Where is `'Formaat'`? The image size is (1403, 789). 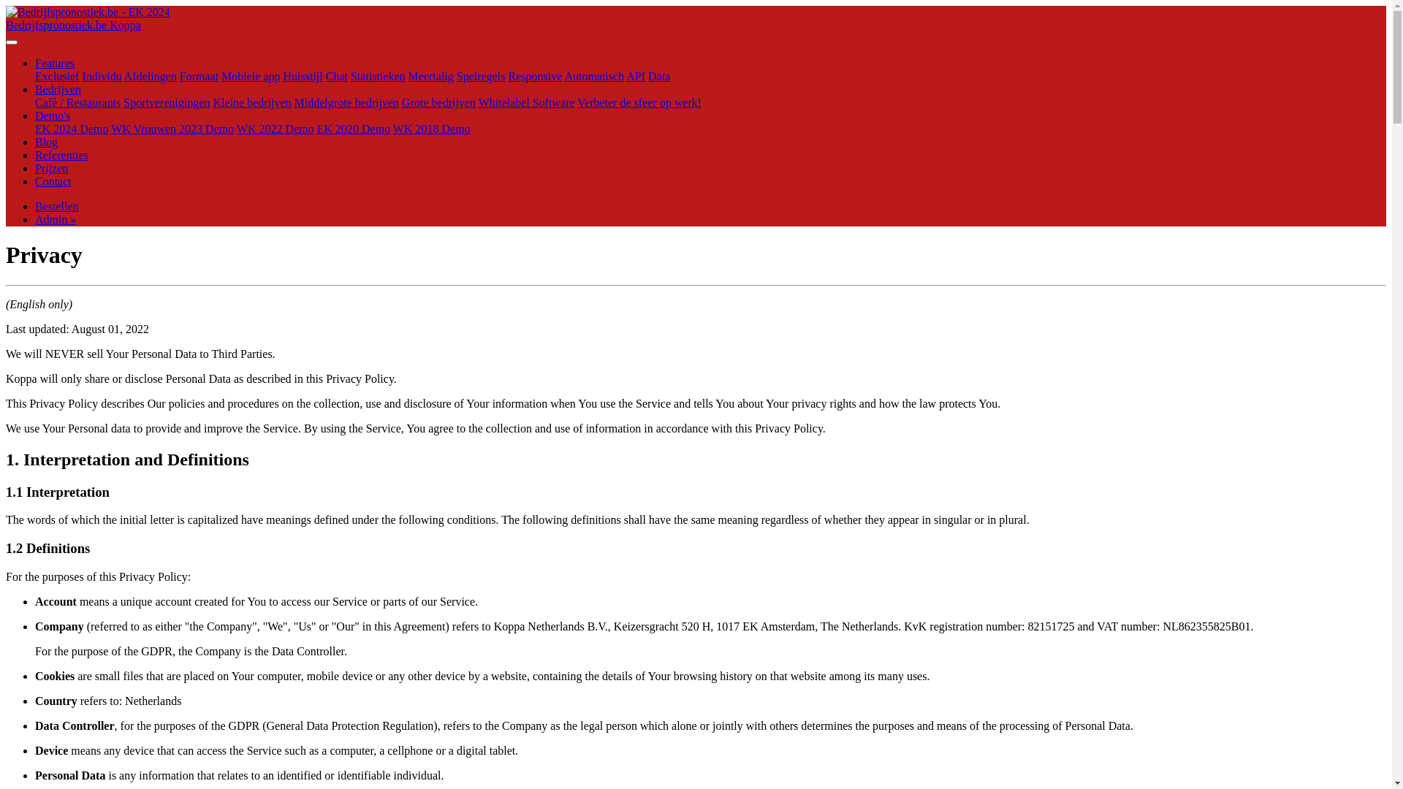 'Formaat' is located at coordinates (198, 76).